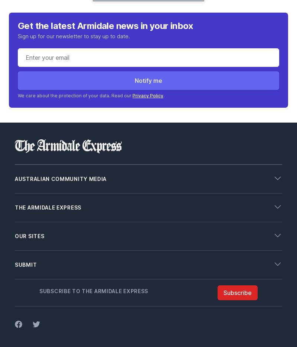 This screenshot has height=347, width=297. I want to click on 'Help Centre', so click(30, 266).